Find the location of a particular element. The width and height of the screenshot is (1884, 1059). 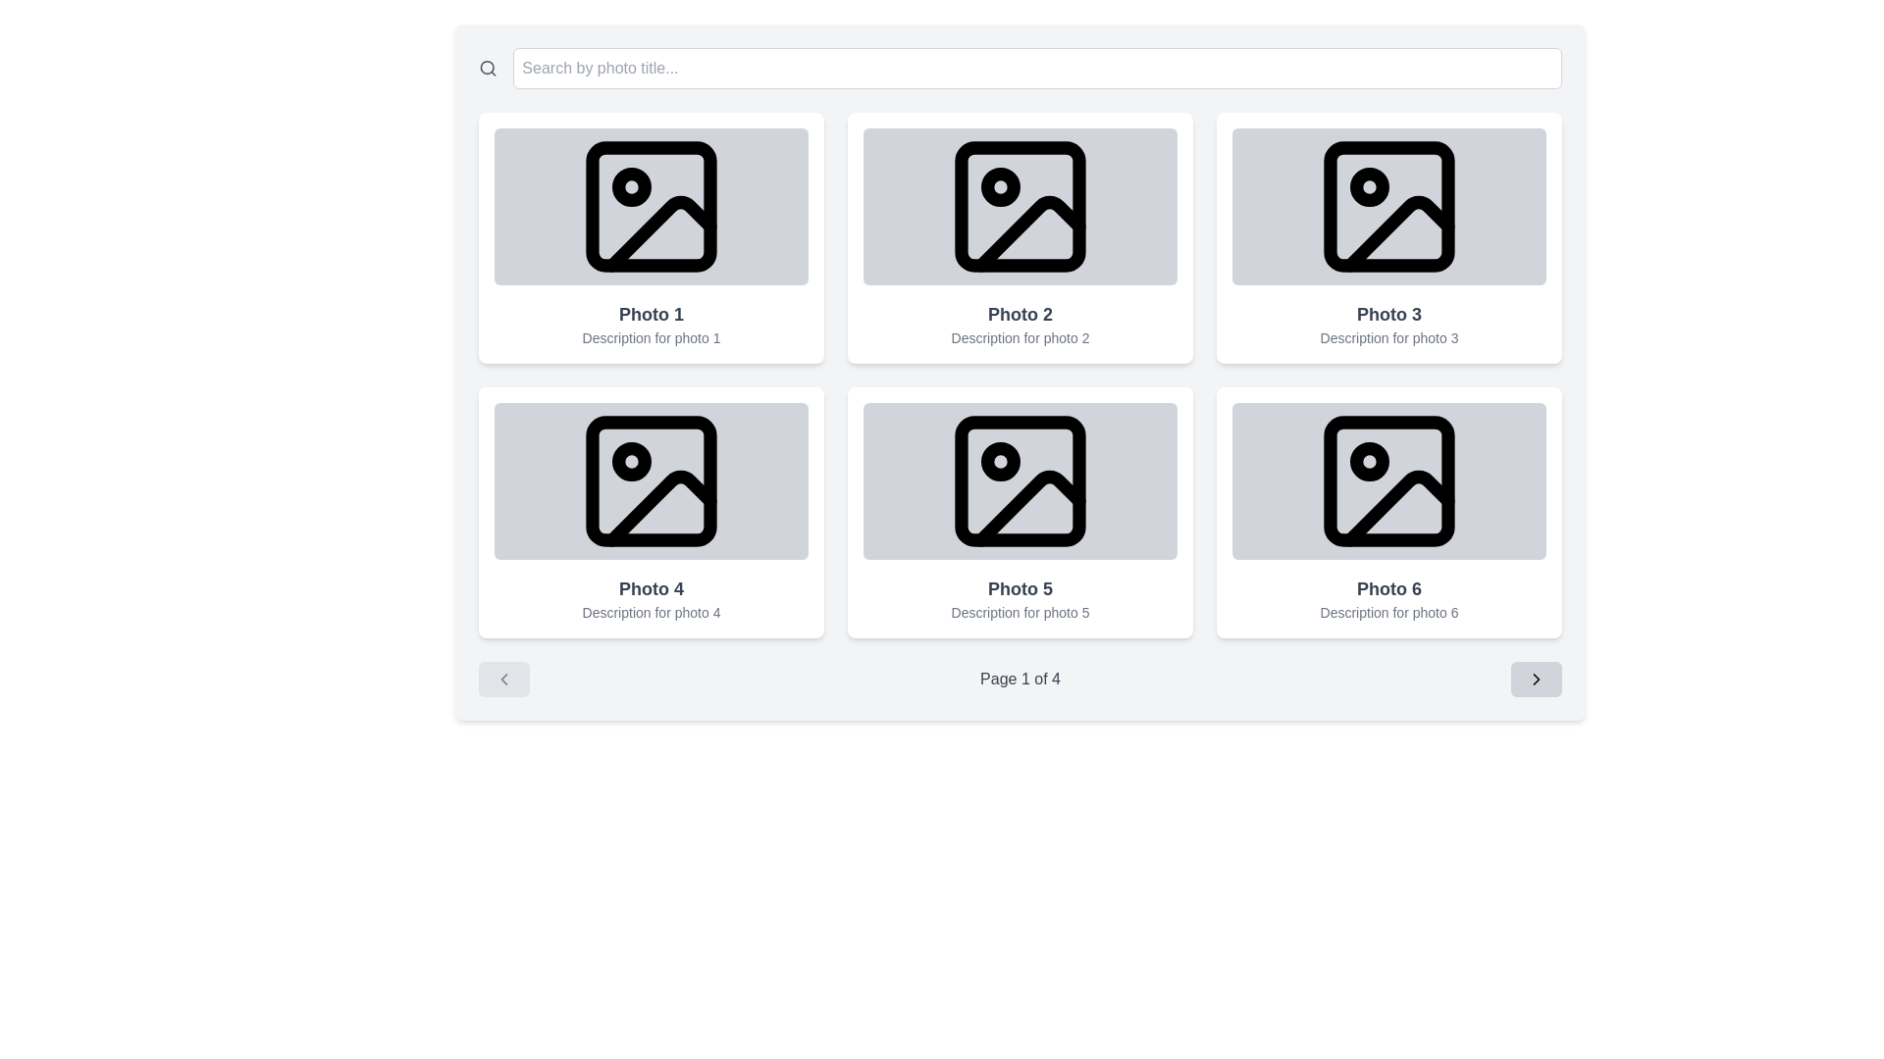

the image placeholder or thumbnail graphic styled like a generic image representation with a black outline, located in the fourth cell of the grid layout for 'Photo 4' is located at coordinates (651, 480).